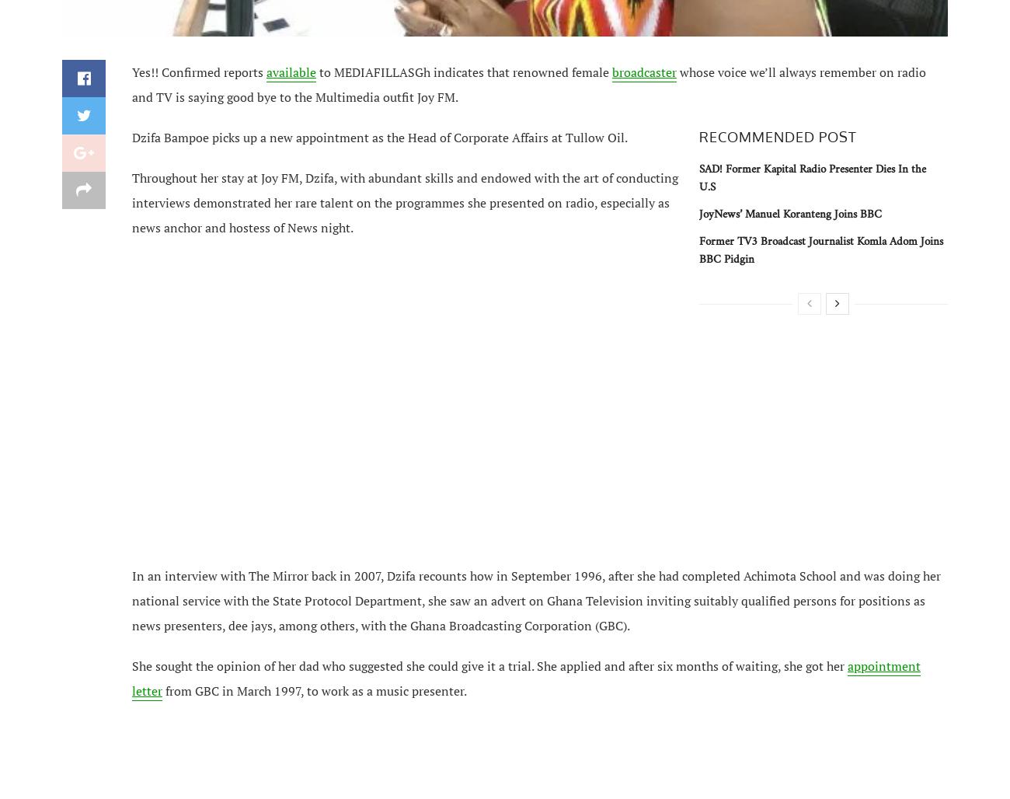 The image size is (1010, 799). I want to click on 'to MEDIAFILLASGh indicates that renowned female', so click(464, 71).